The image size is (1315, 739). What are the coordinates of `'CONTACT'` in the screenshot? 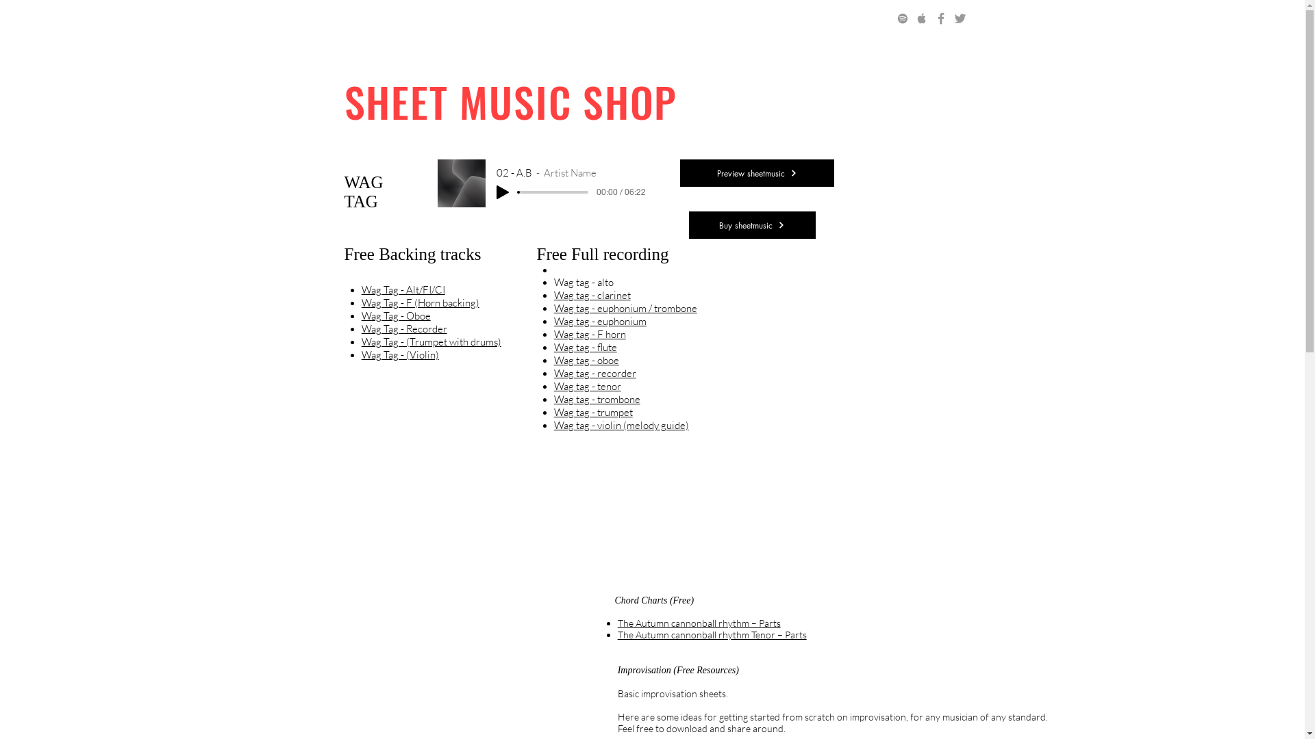 It's located at (773, 20).